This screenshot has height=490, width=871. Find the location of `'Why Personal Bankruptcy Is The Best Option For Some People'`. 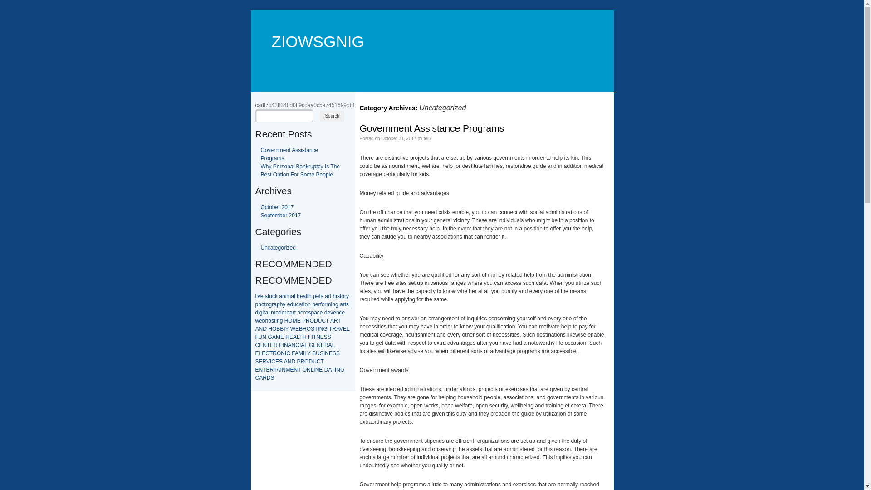

'Why Personal Bankruptcy Is The Best Option For Some People' is located at coordinates (300, 170).